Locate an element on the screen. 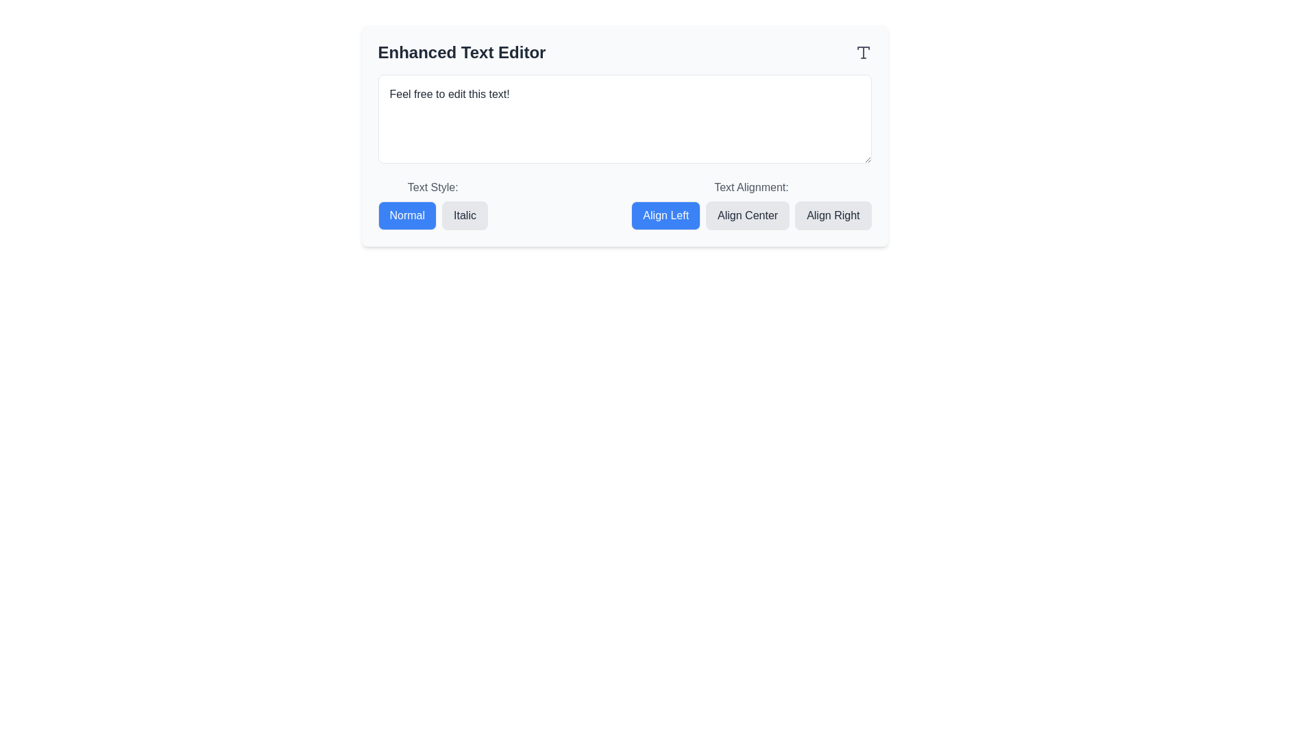  the 'Align Right' button is located at coordinates (832, 216).